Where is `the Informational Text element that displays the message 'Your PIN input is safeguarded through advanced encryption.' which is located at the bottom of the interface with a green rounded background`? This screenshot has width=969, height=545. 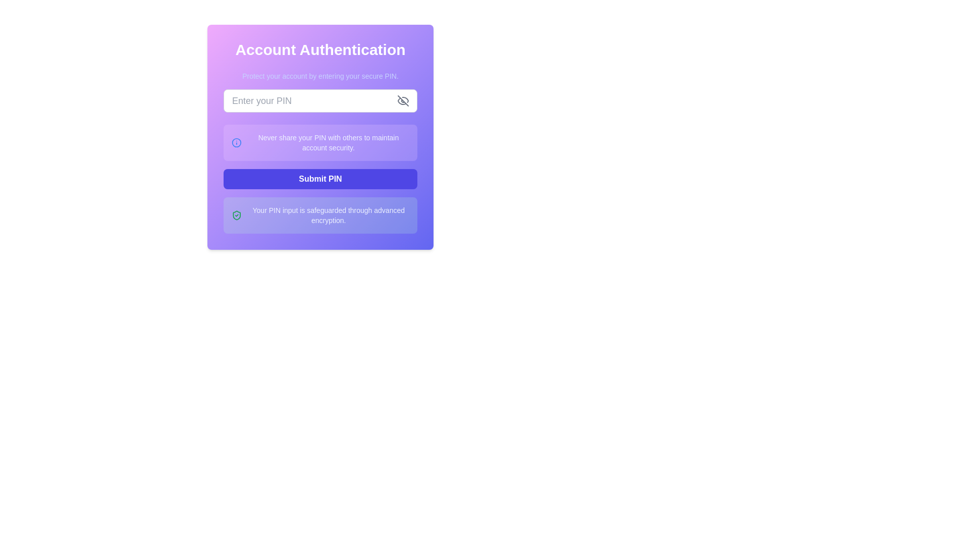
the Informational Text element that displays the message 'Your PIN input is safeguarded through advanced encryption.' which is located at the bottom of the interface with a green rounded background is located at coordinates (329, 215).